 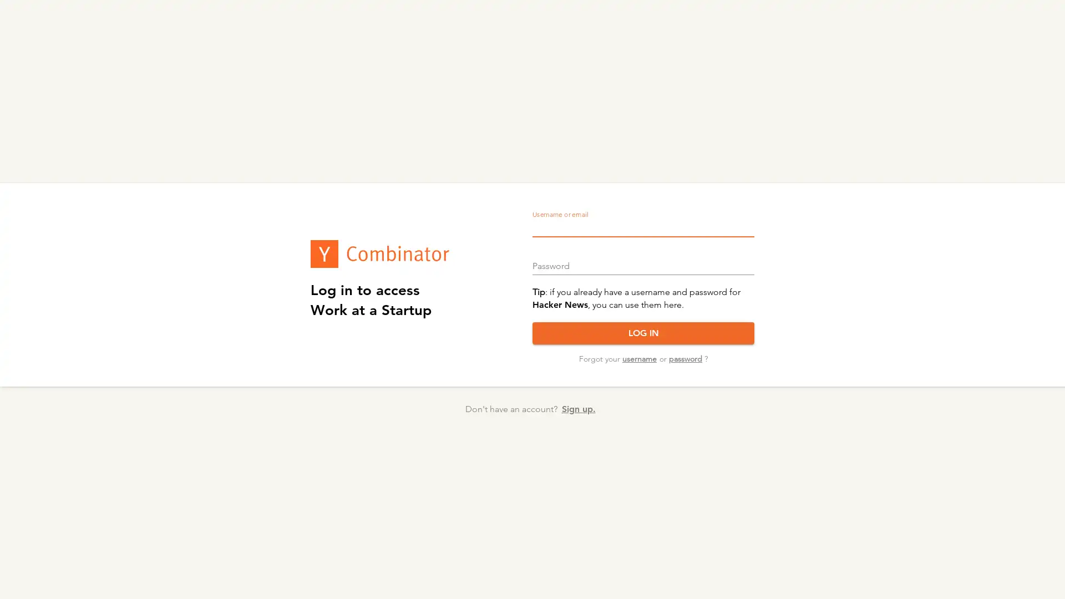 I want to click on password, so click(x=684, y=359).